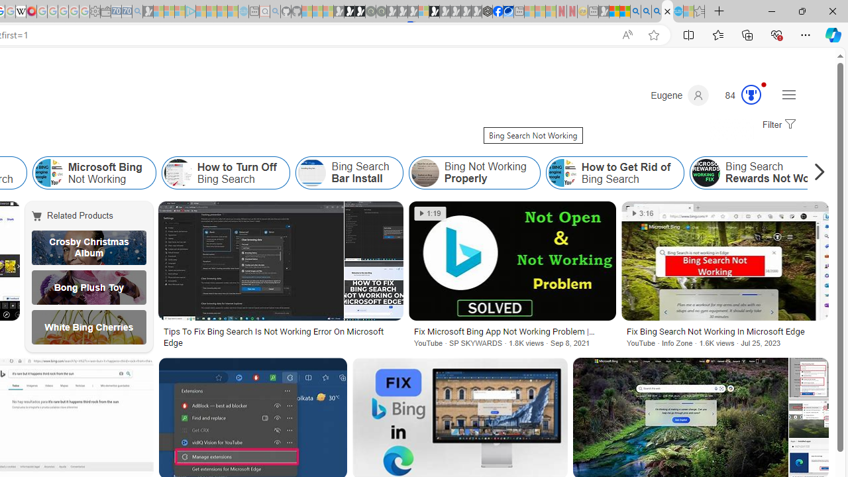 The width and height of the screenshot is (848, 477). What do you see at coordinates (89, 287) in the screenshot?
I see `'Bong Plush Toy'` at bounding box center [89, 287].